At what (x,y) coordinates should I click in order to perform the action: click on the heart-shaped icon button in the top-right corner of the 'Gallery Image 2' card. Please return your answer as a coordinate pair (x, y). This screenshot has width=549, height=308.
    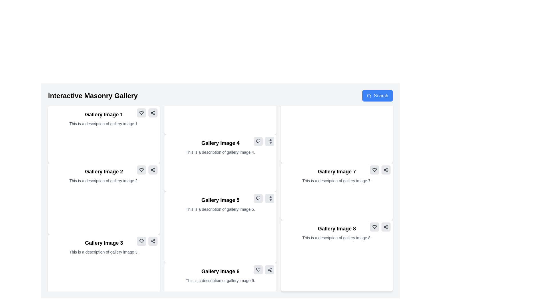
    Looking at the image, I should click on (142, 113).